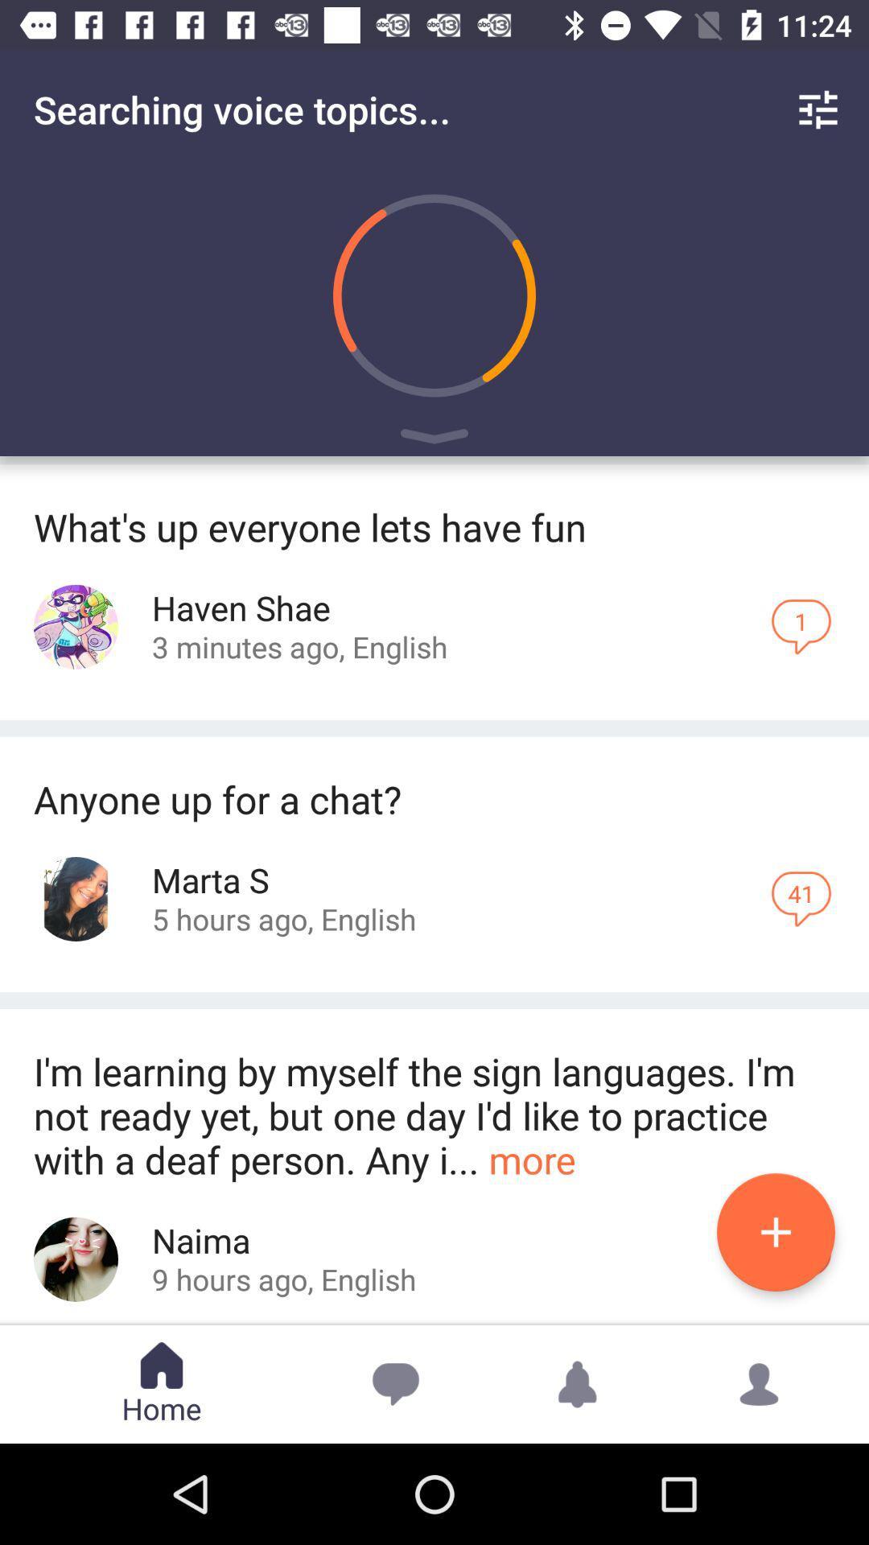  What do you see at coordinates (76, 898) in the screenshot?
I see `open user profile` at bounding box center [76, 898].